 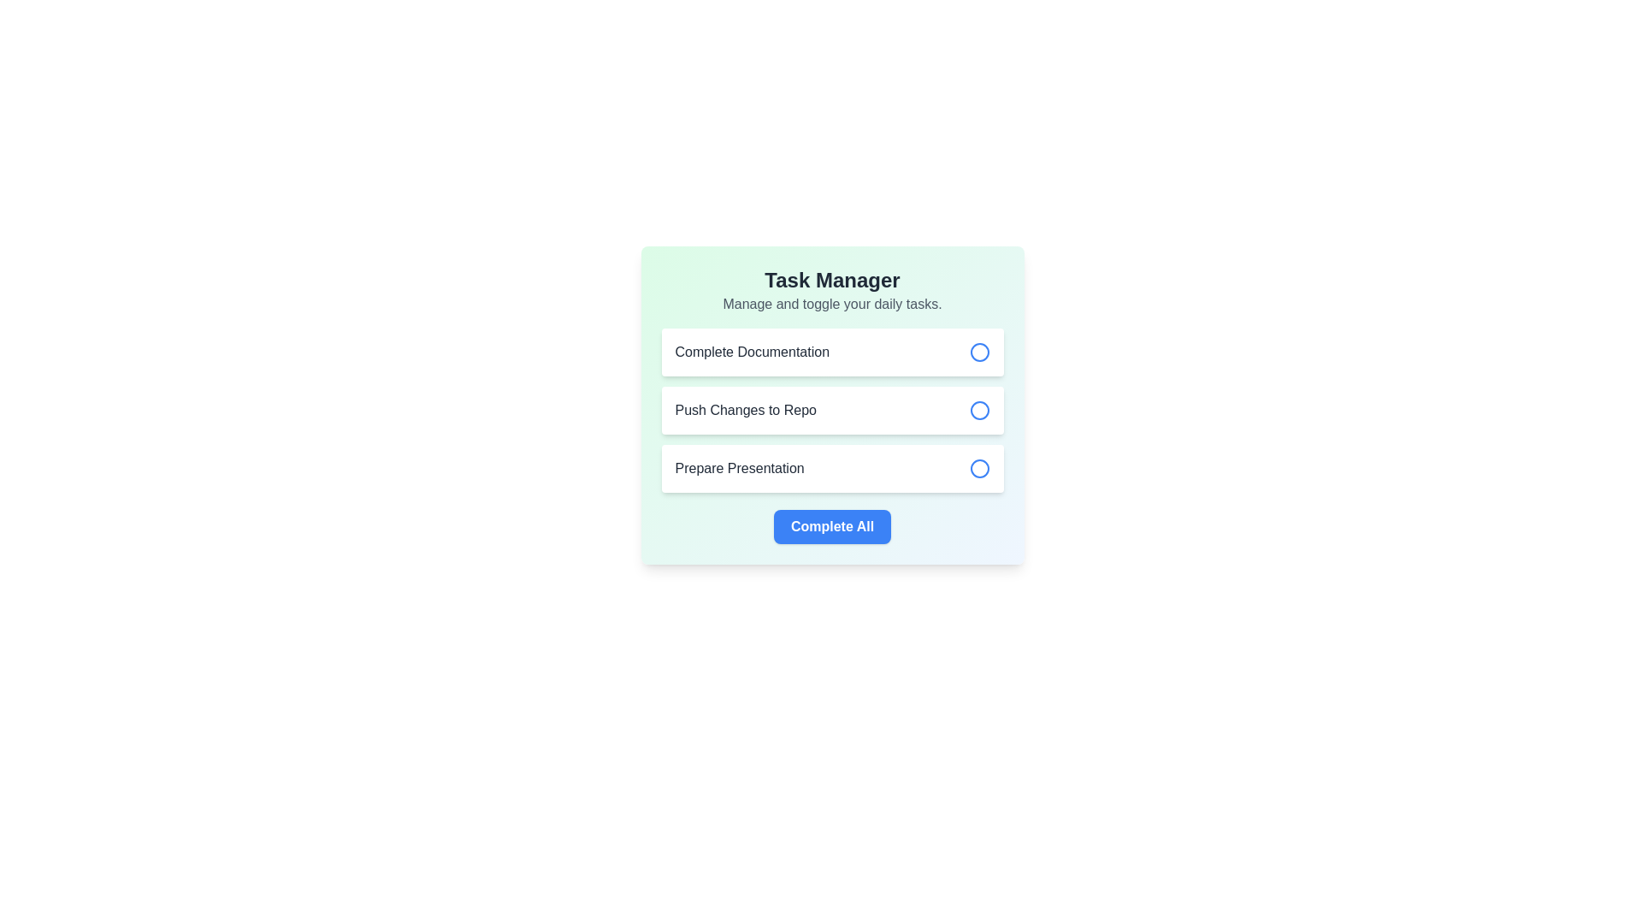 I want to click on text header 'Task Manager' which is styled in bold, large font in dark gray on a light green background, located at the top of the card-like component, so click(x=832, y=279).